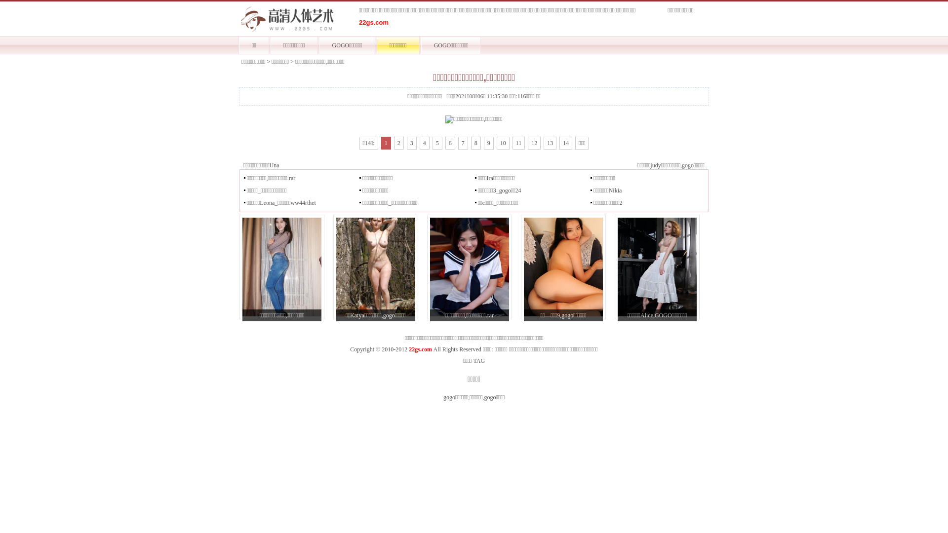  Describe the element at coordinates (549, 143) in the screenshot. I see `'13'` at that location.